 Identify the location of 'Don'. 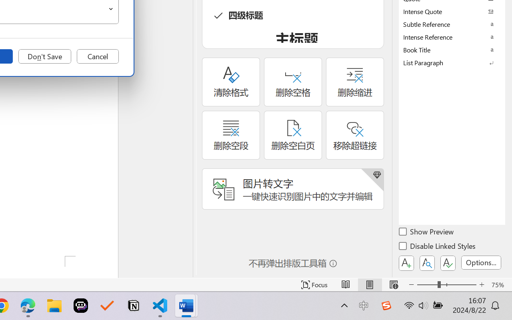
(44, 56).